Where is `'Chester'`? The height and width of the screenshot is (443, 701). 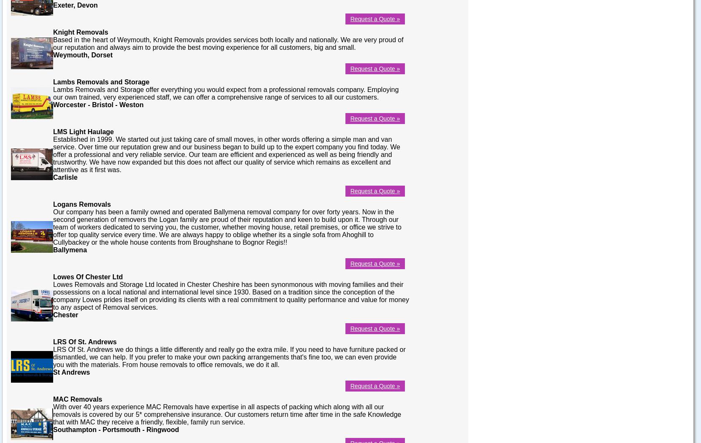
'Chester' is located at coordinates (65, 314).